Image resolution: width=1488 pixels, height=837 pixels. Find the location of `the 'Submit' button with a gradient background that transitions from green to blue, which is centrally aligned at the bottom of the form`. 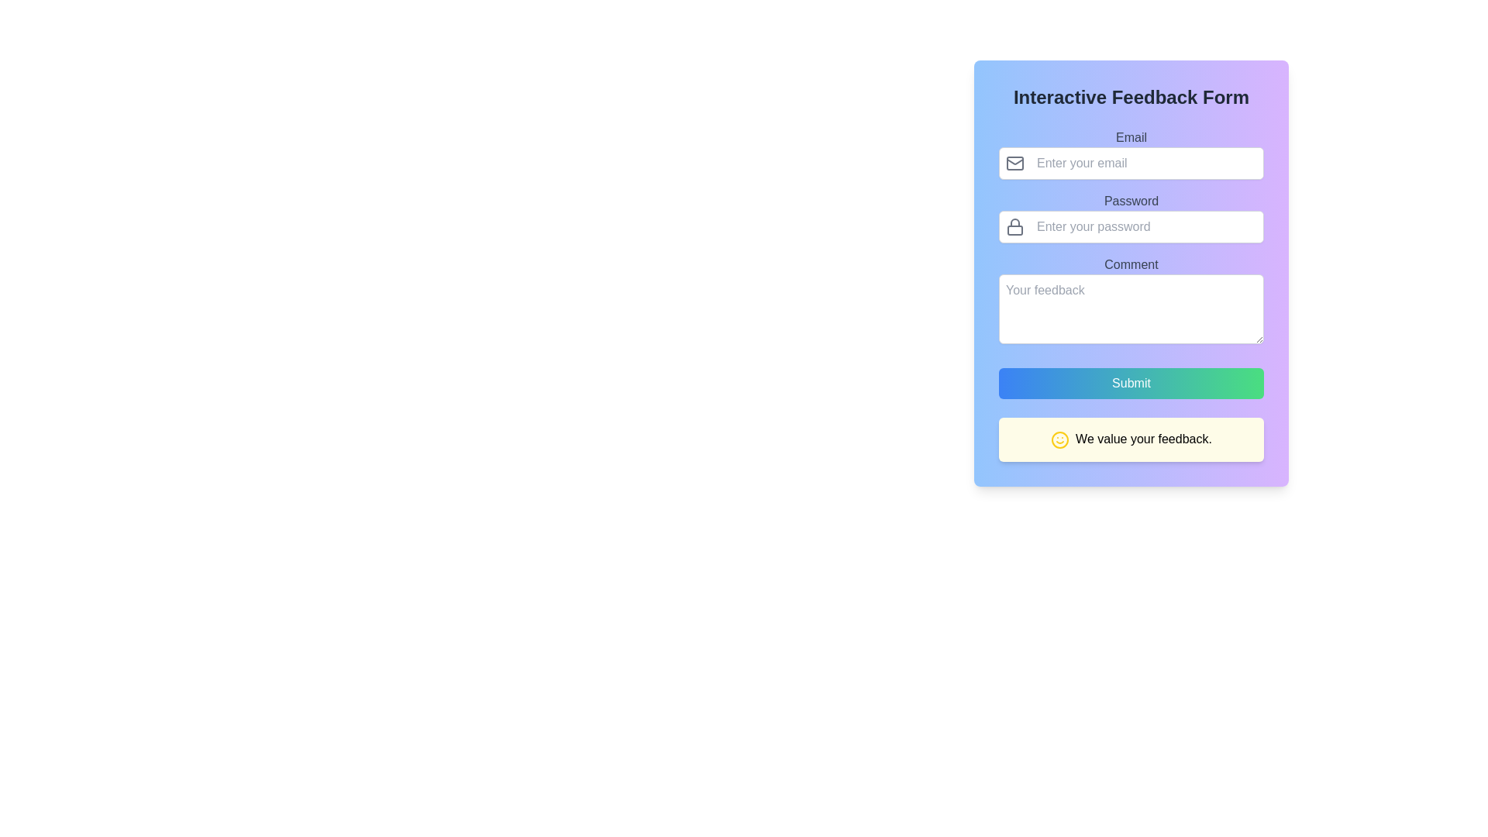

the 'Submit' button with a gradient background that transitions from green to blue, which is centrally aligned at the bottom of the form is located at coordinates (1131, 383).